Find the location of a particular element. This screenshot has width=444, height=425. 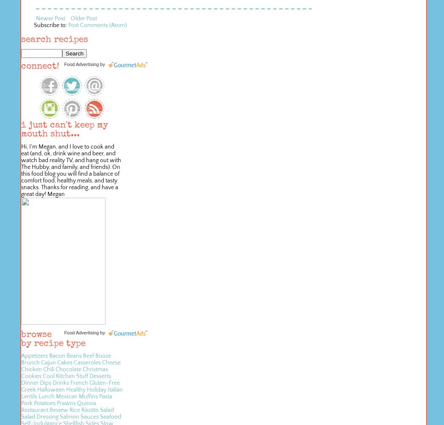

'Lentils' is located at coordinates (29, 396).